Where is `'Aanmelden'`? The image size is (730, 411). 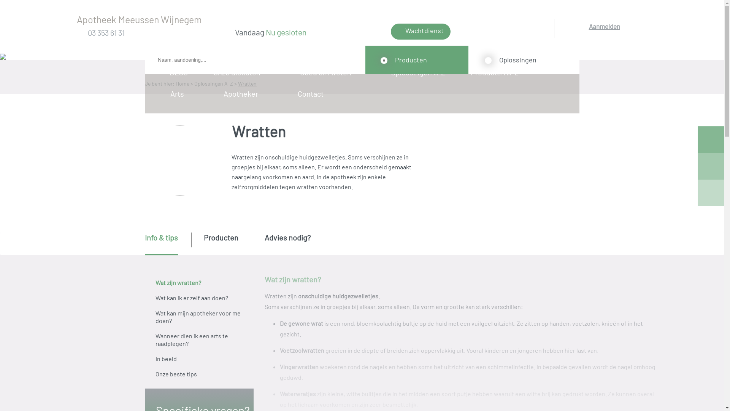
'Aanmelden' is located at coordinates (604, 36).